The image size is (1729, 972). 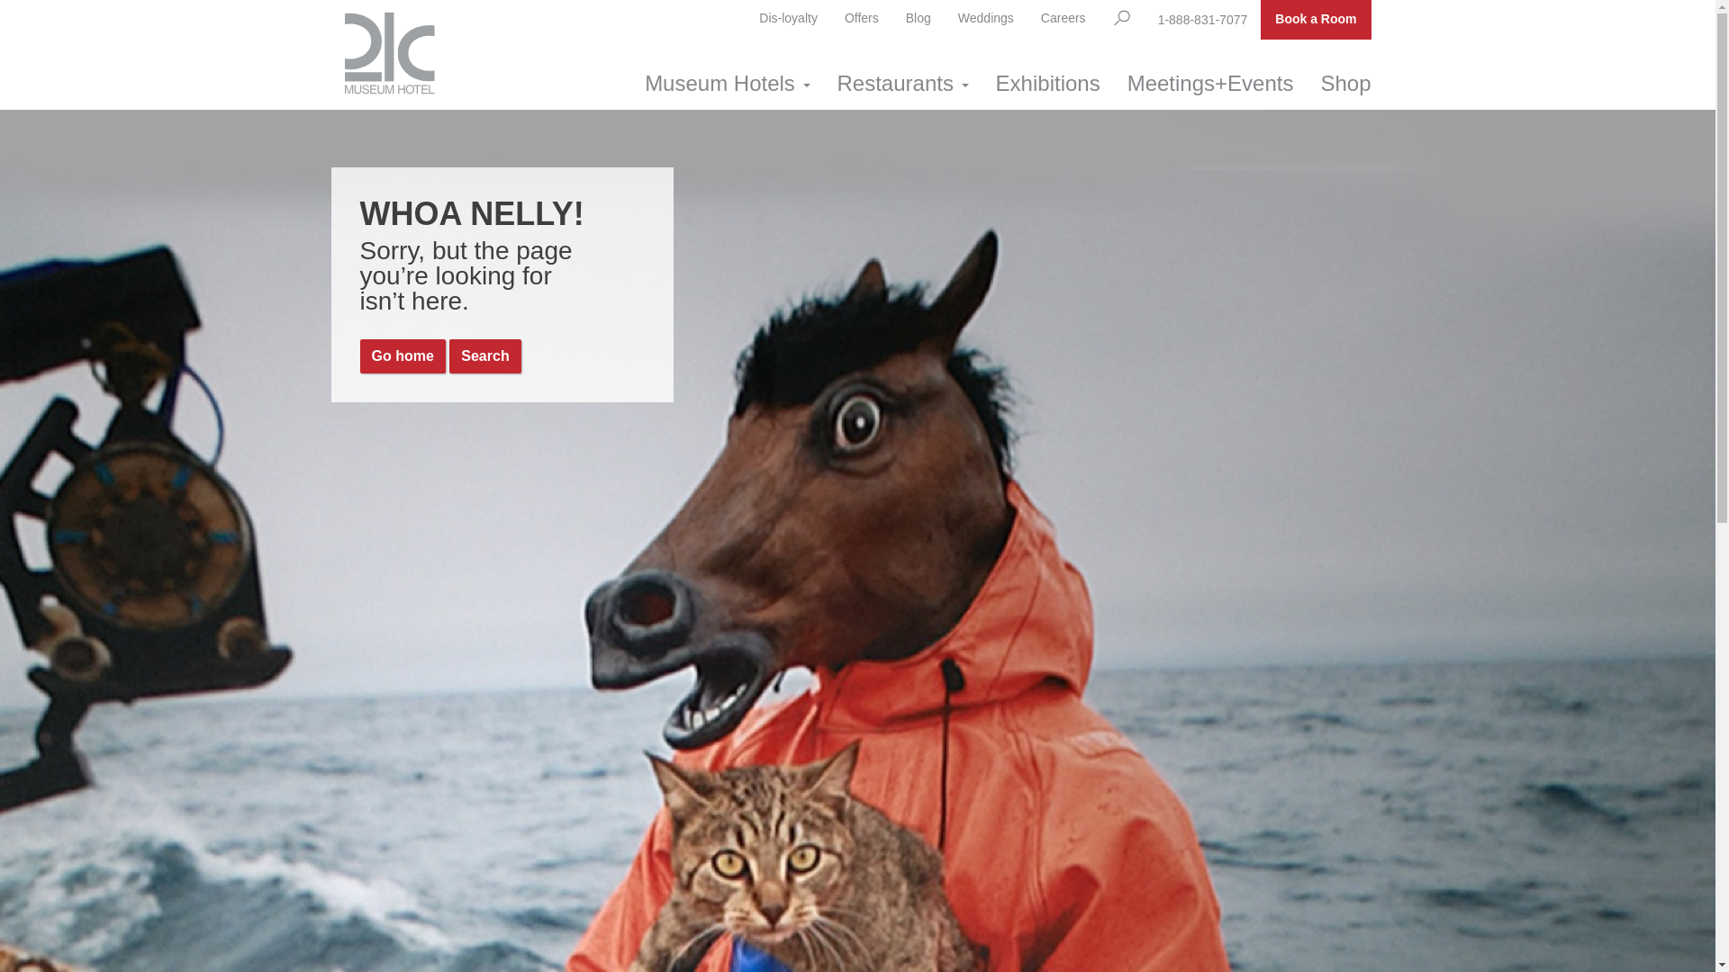 What do you see at coordinates (402, 356) in the screenshot?
I see `'Go home'` at bounding box center [402, 356].